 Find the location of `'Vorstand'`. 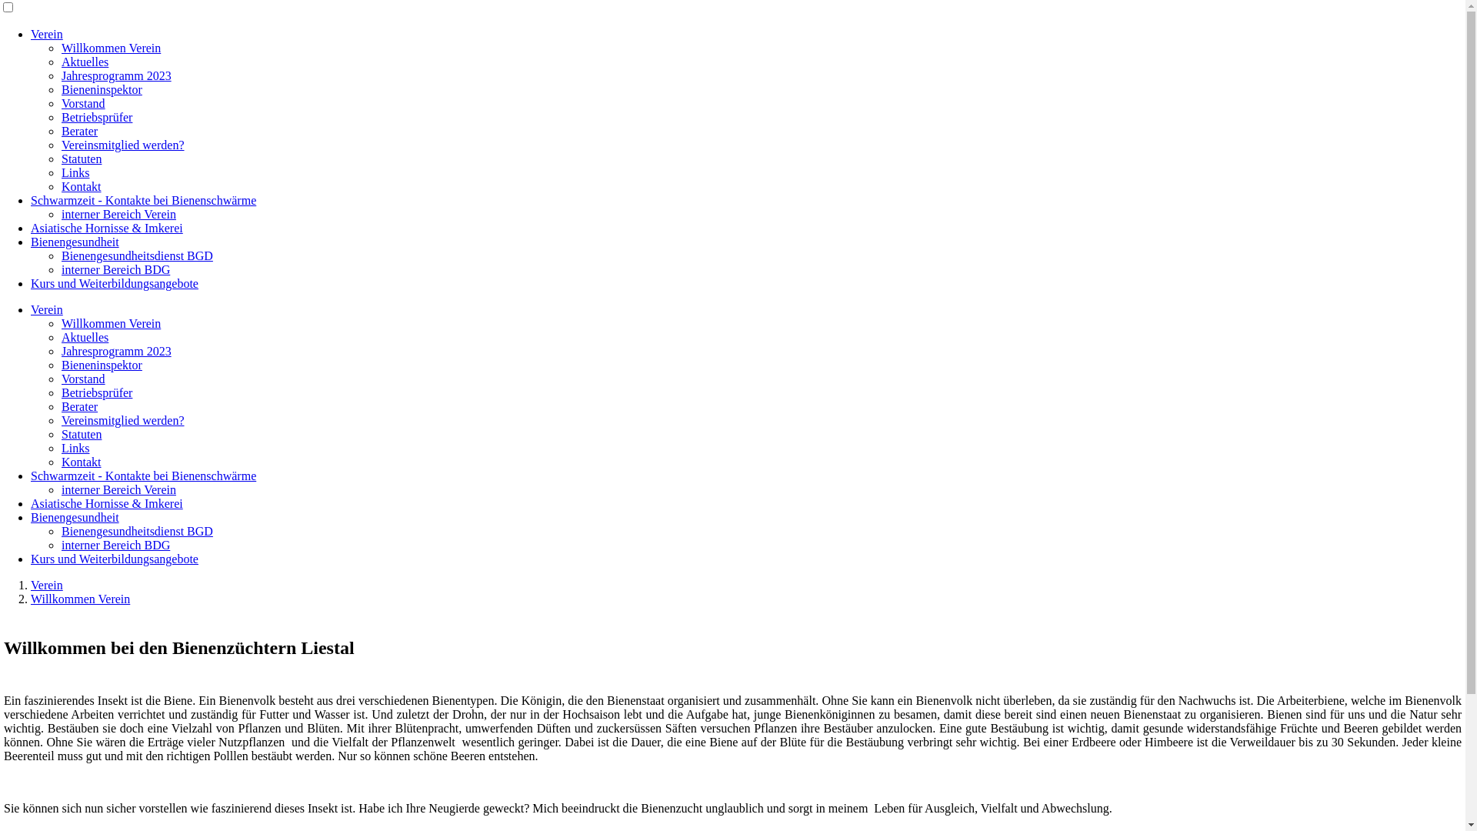

'Vorstand' is located at coordinates (82, 103).